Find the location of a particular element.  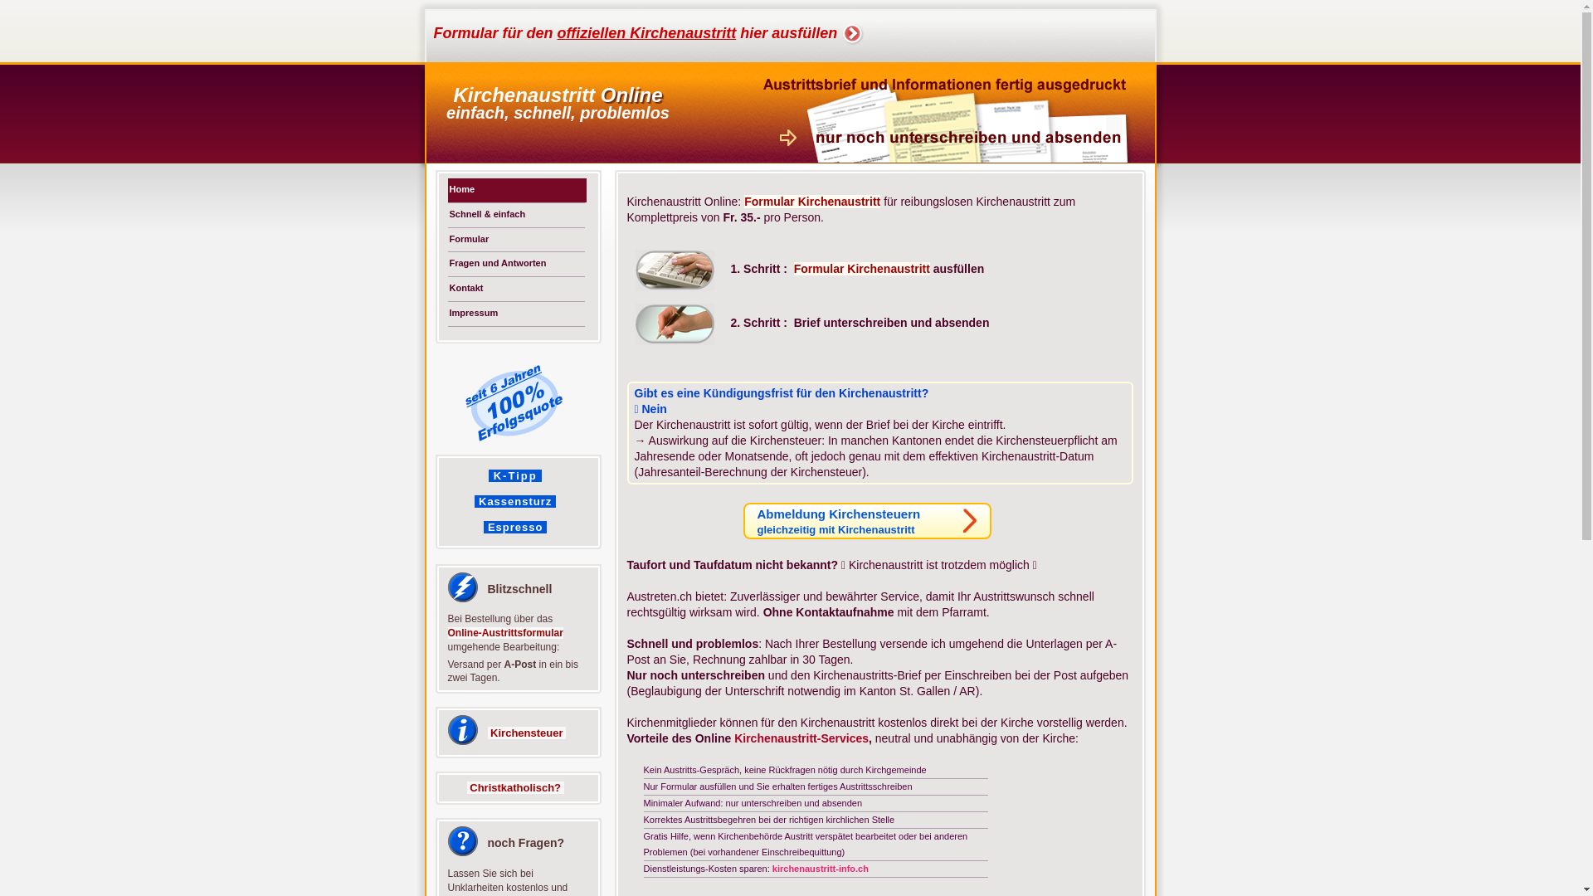

'Kontakt' is located at coordinates (447, 288).